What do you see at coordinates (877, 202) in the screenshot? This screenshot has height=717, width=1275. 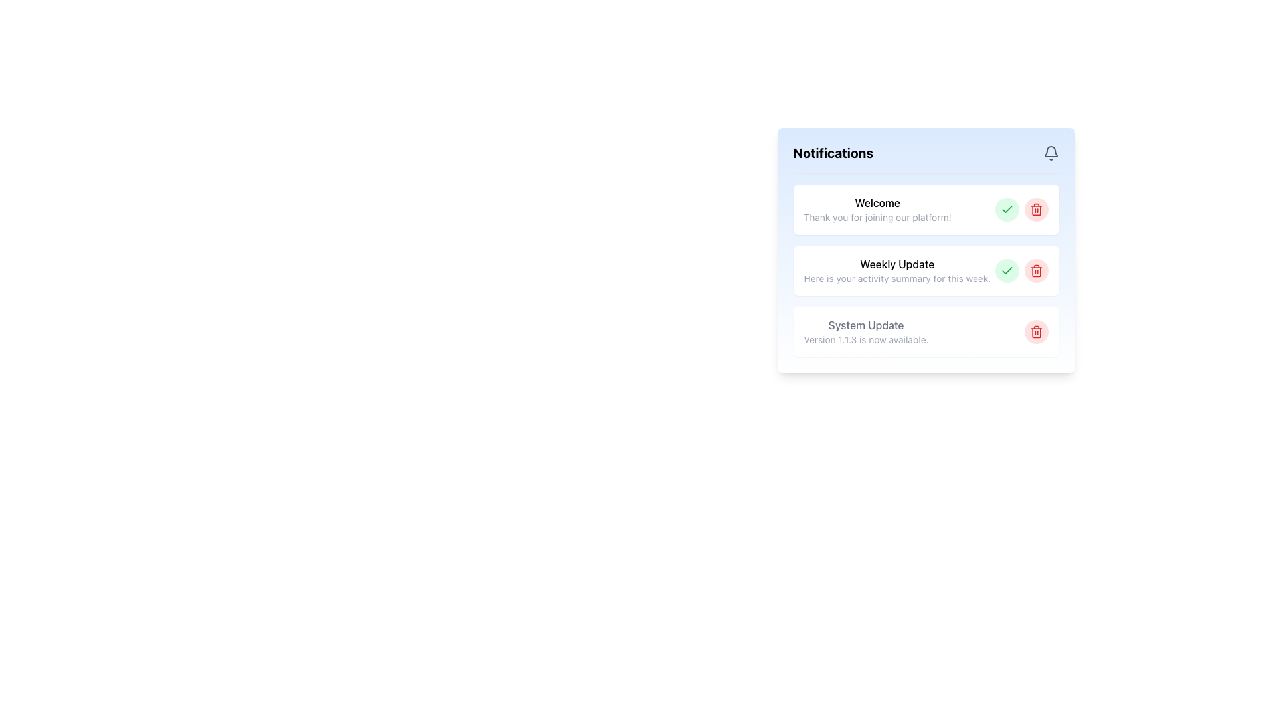 I see `the bold black text that reads 'Welcome', which is located at the top of the first notification message` at bounding box center [877, 202].